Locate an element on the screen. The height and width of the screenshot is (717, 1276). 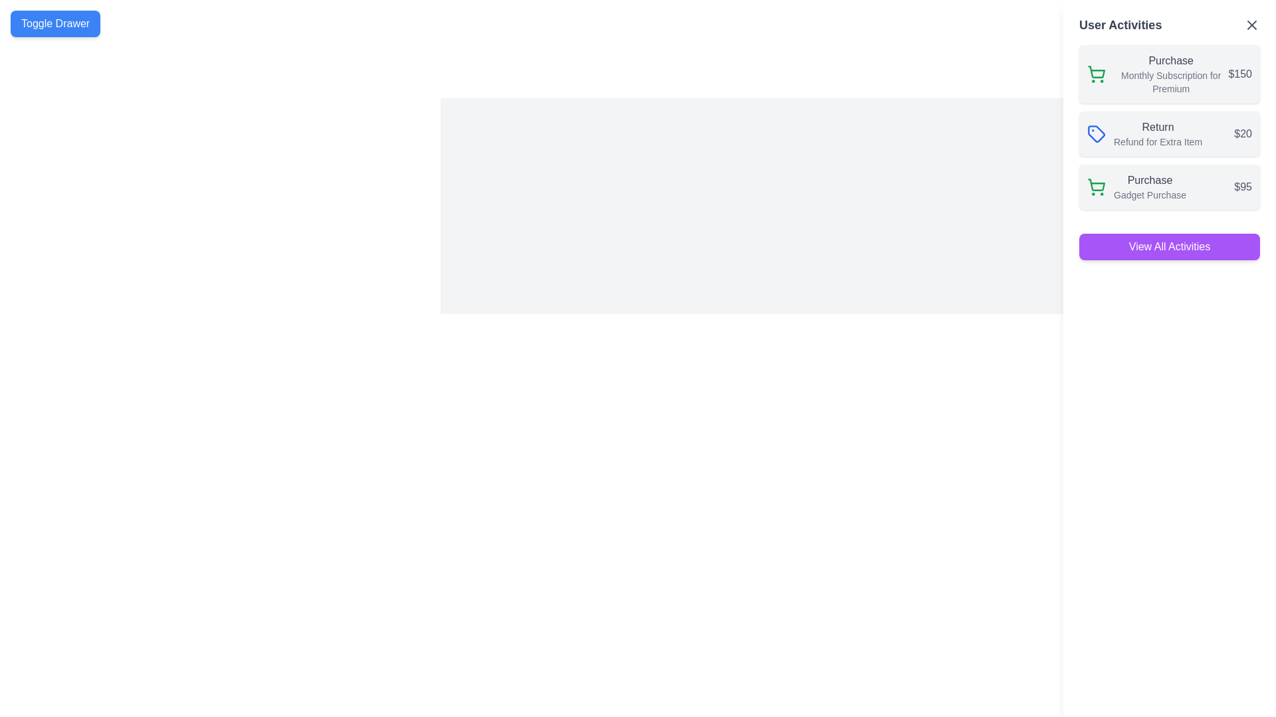
the monetary amount label displaying '$20' in medium gray color, which is aligned to the right within a user activity panel is located at coordinates (1242, 133).